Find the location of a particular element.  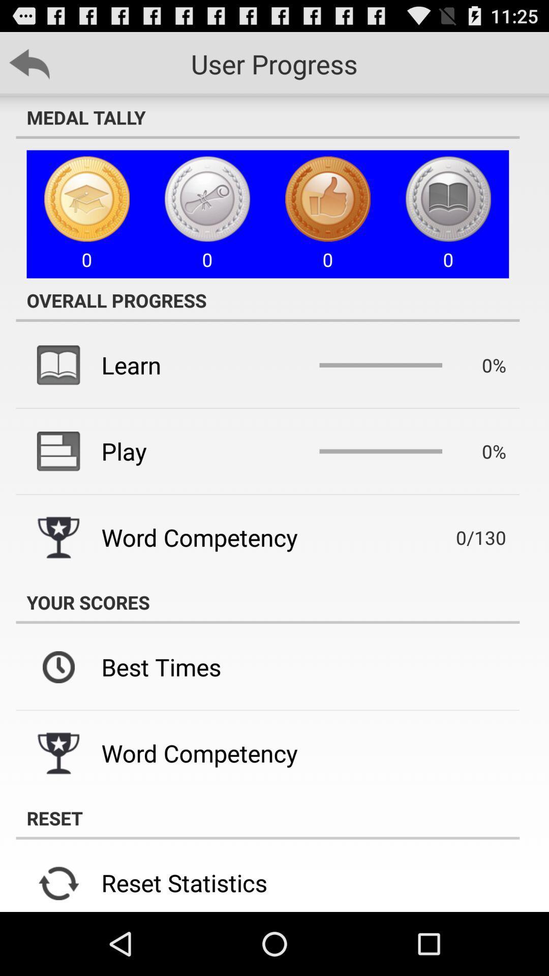

icon above the your scores is located at coordinates (466, 537).